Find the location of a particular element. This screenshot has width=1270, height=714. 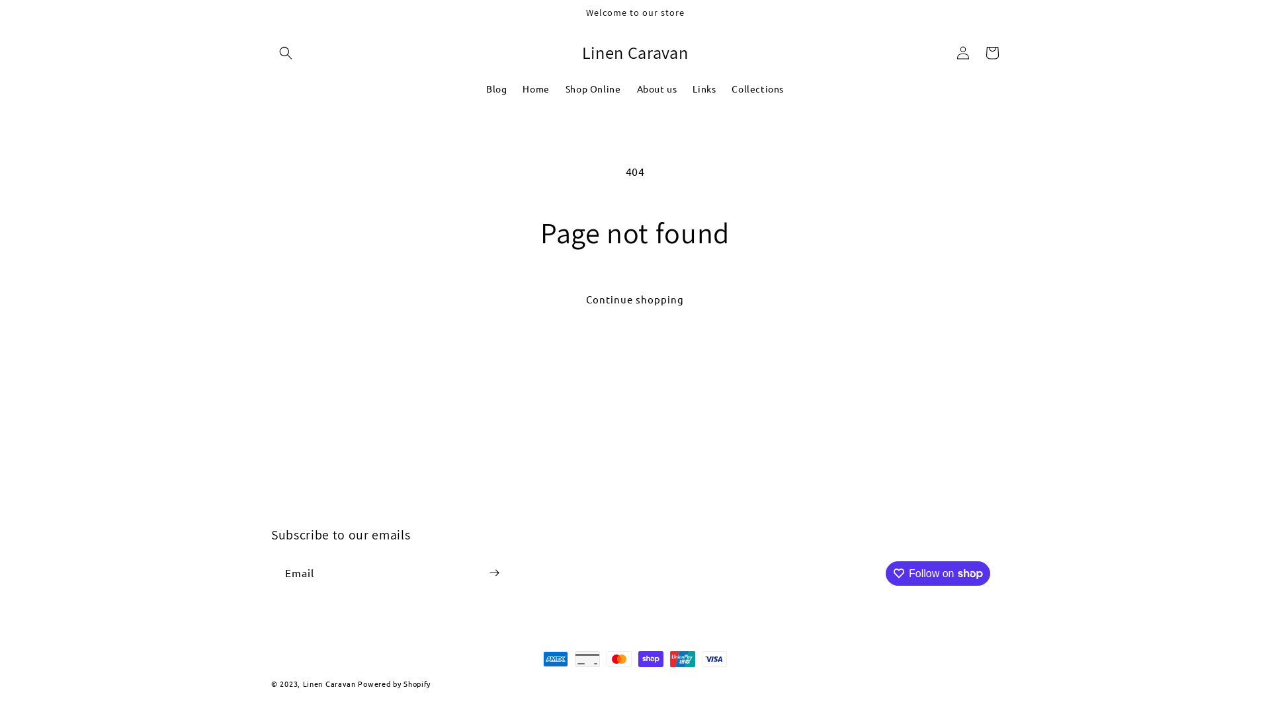

'Log in' is located at coordinates (962, 52).